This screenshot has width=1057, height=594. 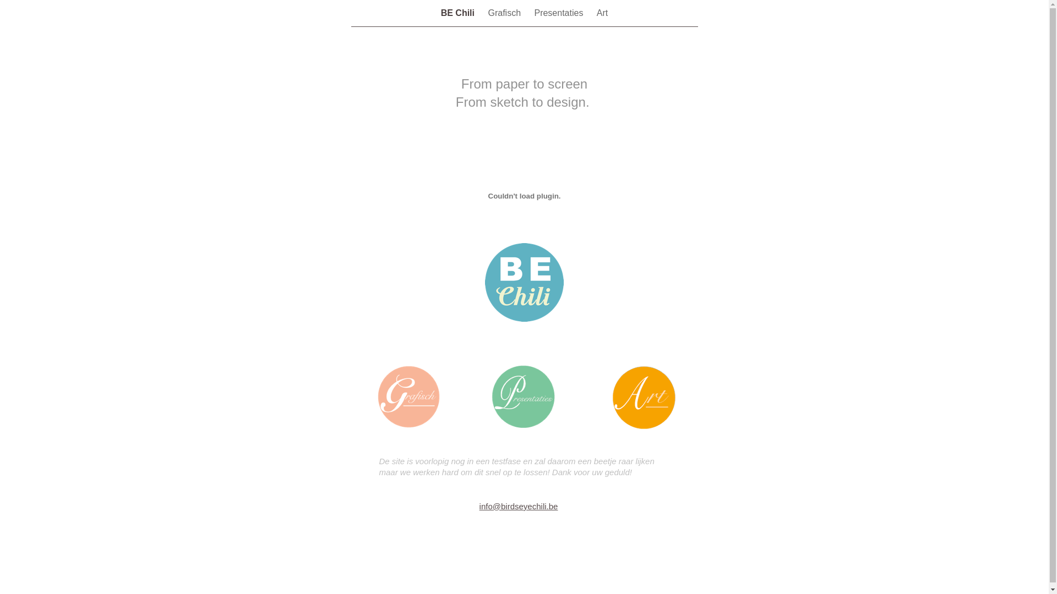 I want to click on 'Art', so click(x=602, y=13).